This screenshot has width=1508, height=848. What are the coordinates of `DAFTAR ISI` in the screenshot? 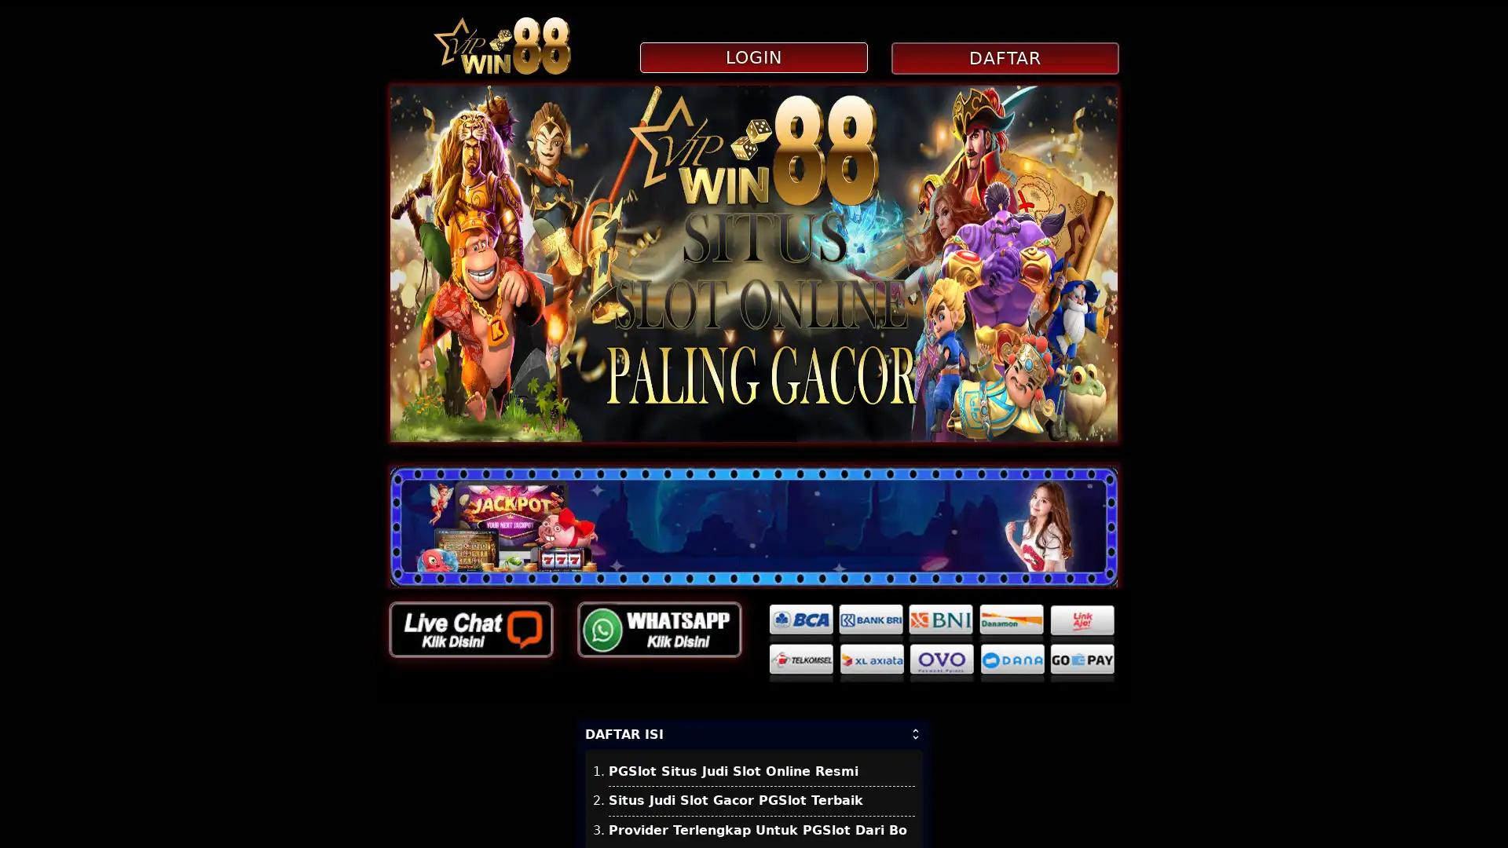 It's located at (754, 733).